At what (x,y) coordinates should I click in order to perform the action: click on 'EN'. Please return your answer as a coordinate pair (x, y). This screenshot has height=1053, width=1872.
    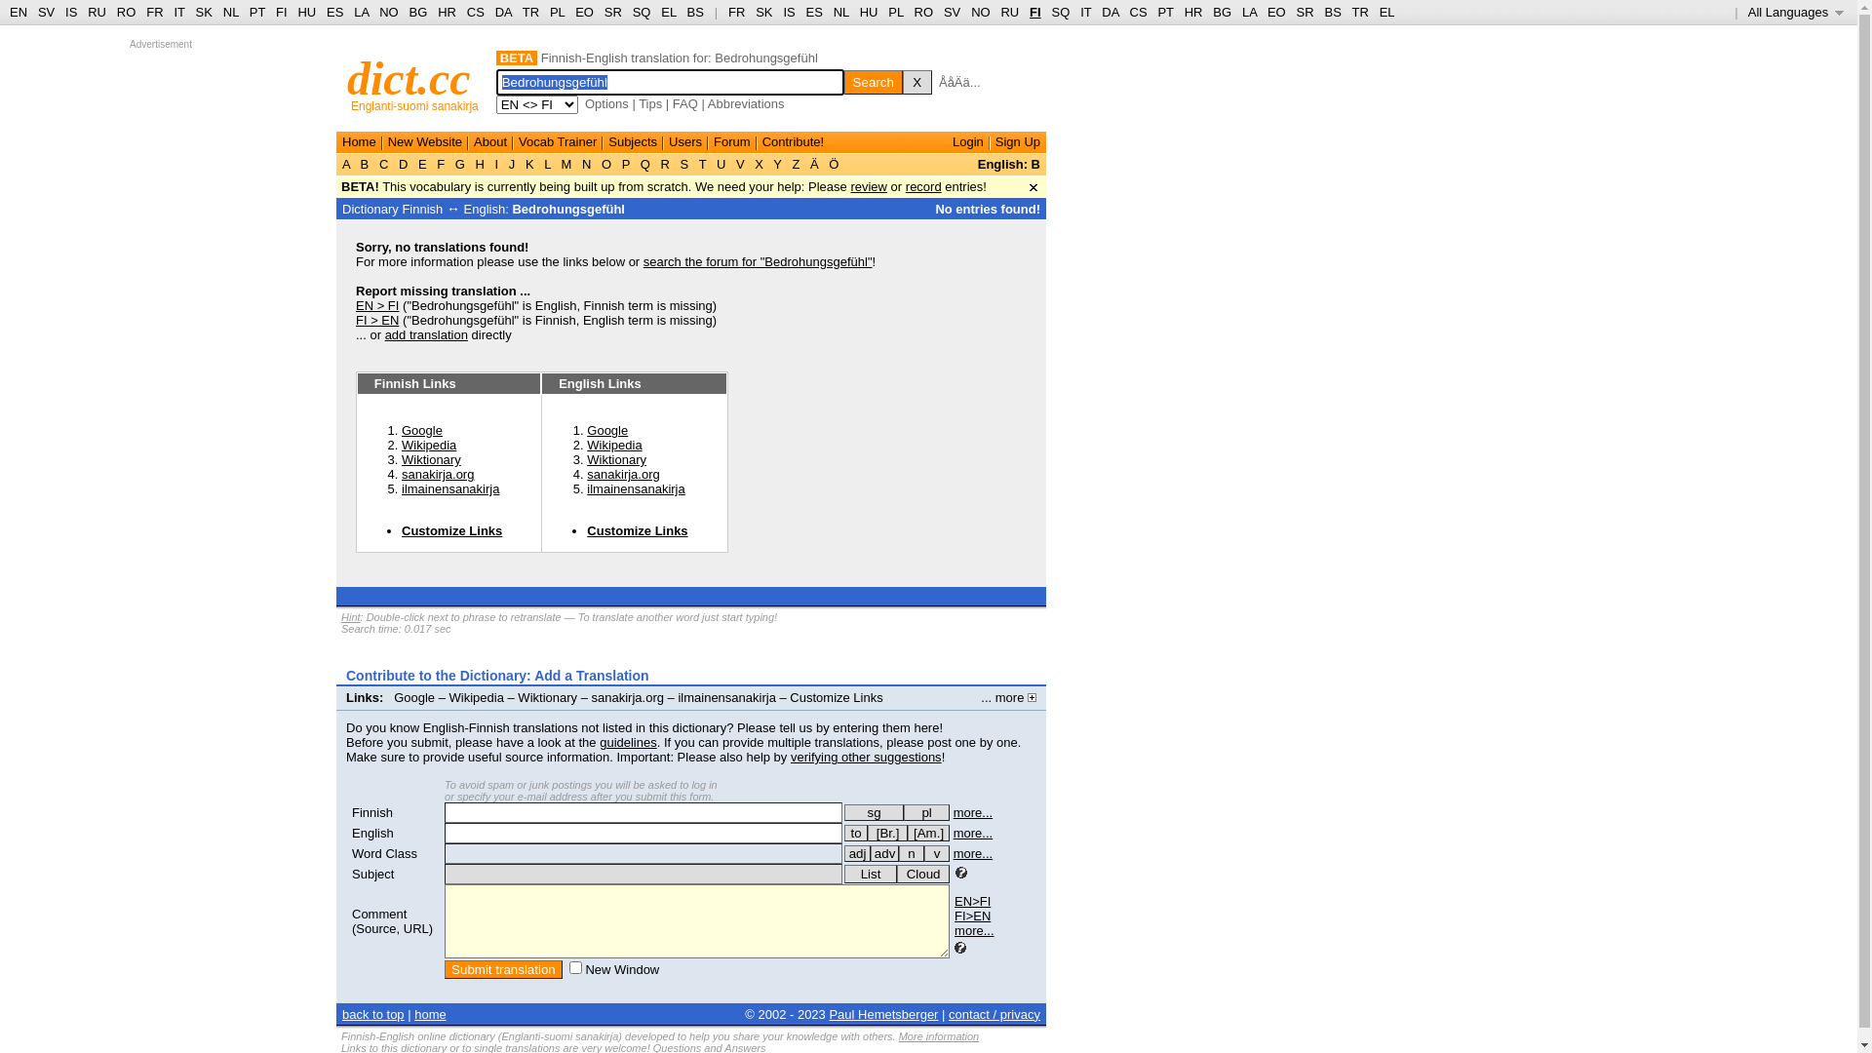
    Looking at the image, I should click on (19, 12).